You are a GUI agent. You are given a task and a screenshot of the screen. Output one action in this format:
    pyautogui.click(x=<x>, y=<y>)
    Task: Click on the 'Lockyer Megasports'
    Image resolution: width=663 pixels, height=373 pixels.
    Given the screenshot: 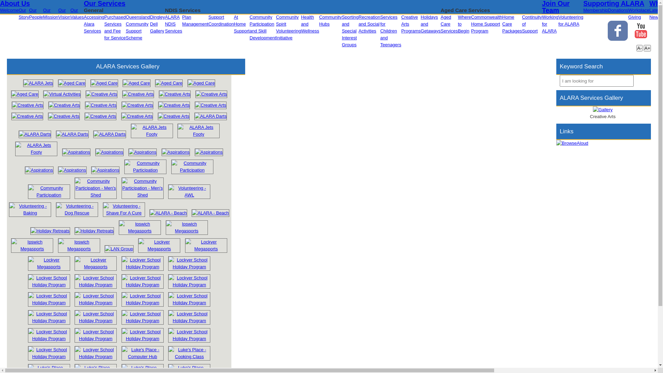 What is the action you would take?
    pyautogui.click(x=138, y=245)
    